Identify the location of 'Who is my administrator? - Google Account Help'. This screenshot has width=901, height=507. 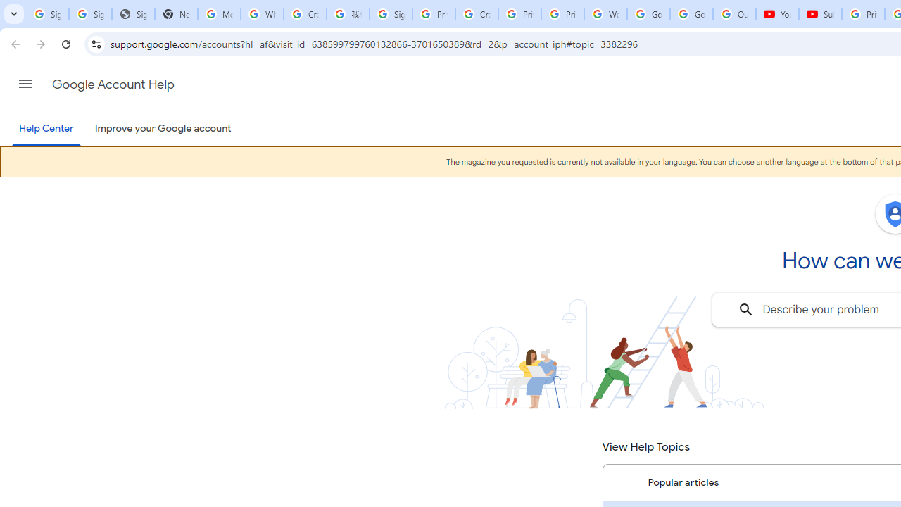
(262, 14).